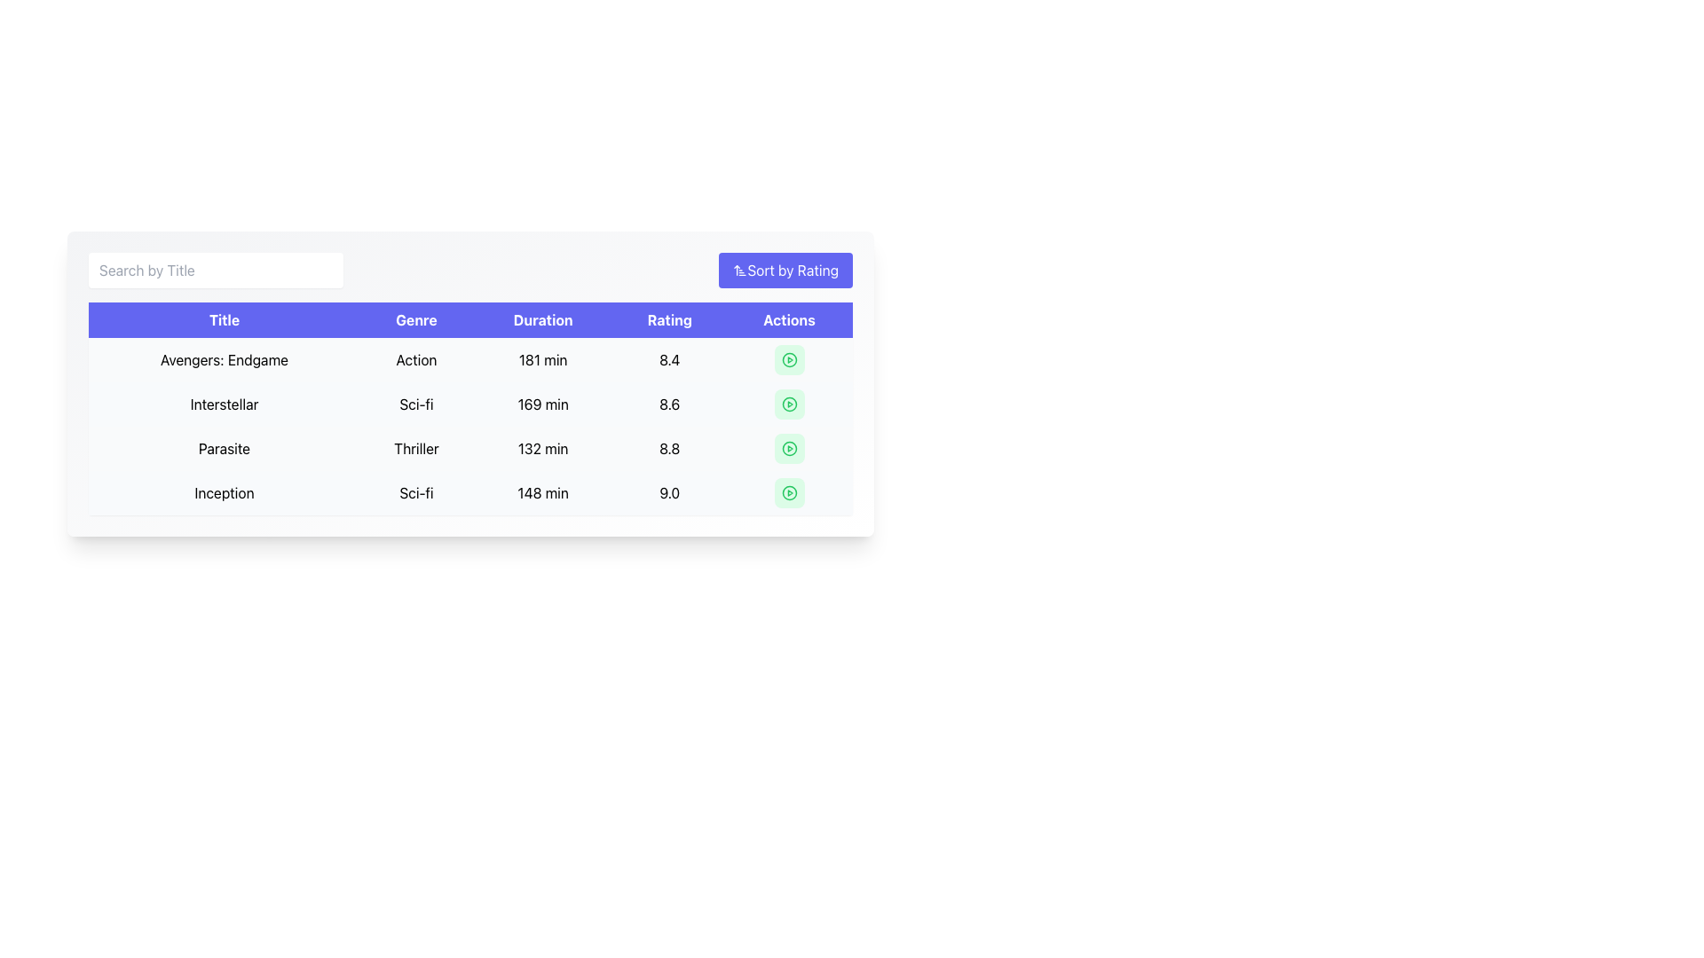  Describe the element at coordinates (415, 359) in the screenshot. I see `the static text label displaying 'Action' located under the 'Genre' column, which is the second cell aligned with 'Avengers: Endgame' in the 'Title' column` at that location.